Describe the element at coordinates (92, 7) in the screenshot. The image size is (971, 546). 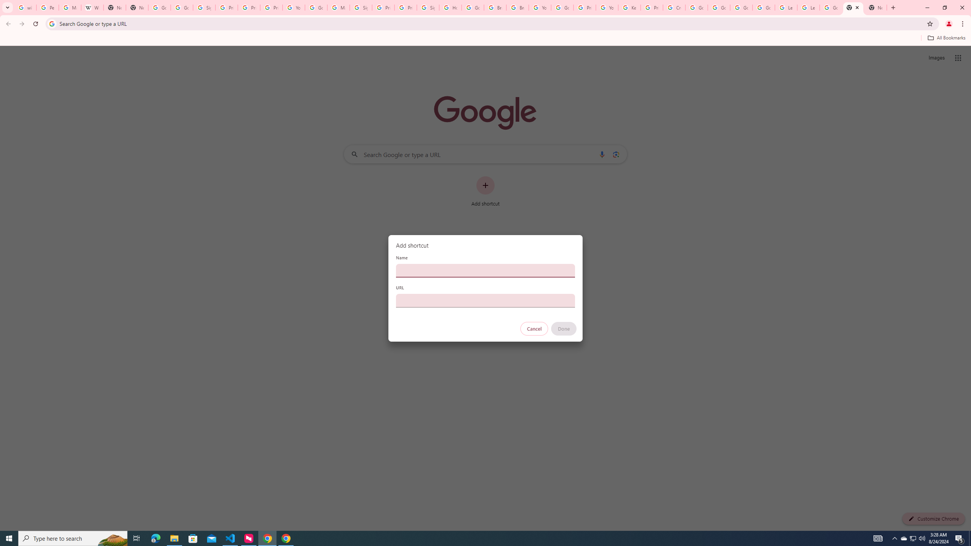
I see `'Wikipedia:Edit requests - Wikipedia'` at that location.